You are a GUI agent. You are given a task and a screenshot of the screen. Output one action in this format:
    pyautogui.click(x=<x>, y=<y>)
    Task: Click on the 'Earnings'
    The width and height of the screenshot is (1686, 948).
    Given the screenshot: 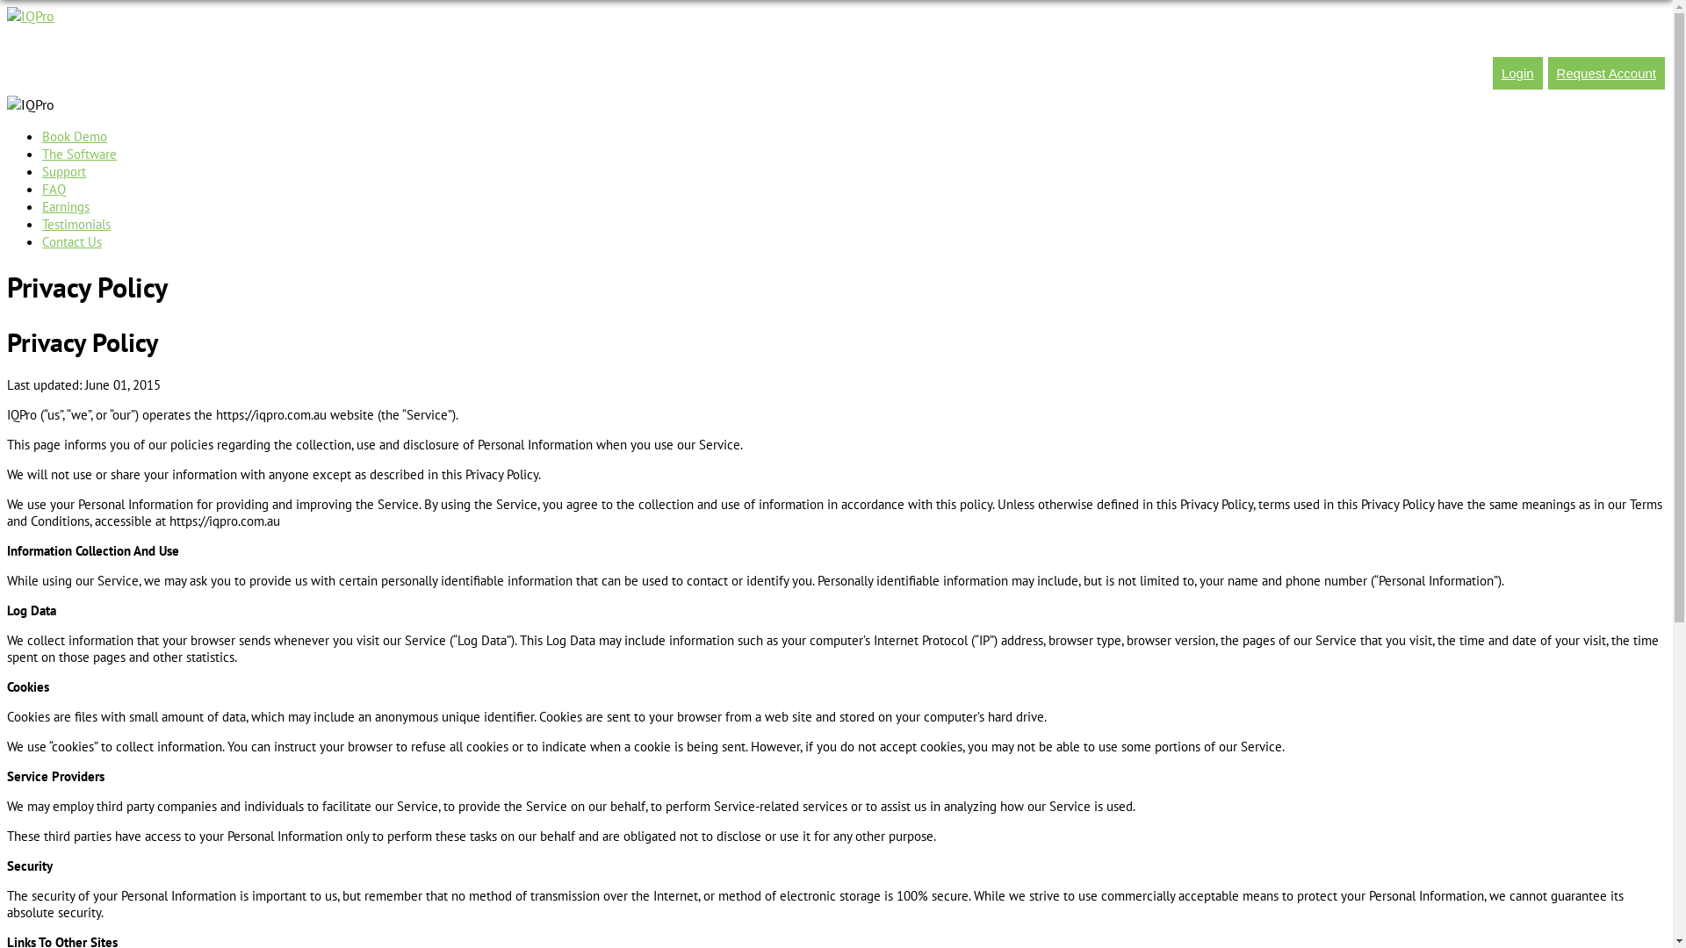 What is the action you would take?
    pyautogui.click(x=66, y=205)
    